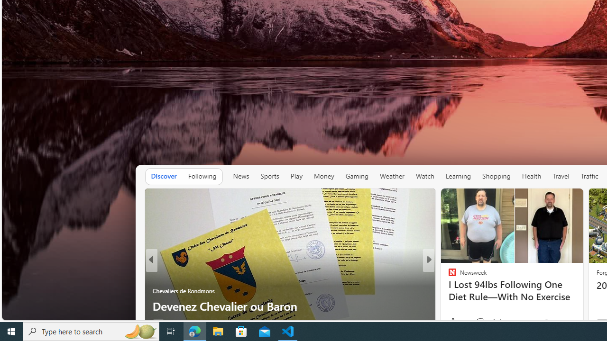 The image size is (607, 341). What do you see at coordinates (453, 322) in the screenshot?
I see `'56 Like'` at bounding box center [453, 322].